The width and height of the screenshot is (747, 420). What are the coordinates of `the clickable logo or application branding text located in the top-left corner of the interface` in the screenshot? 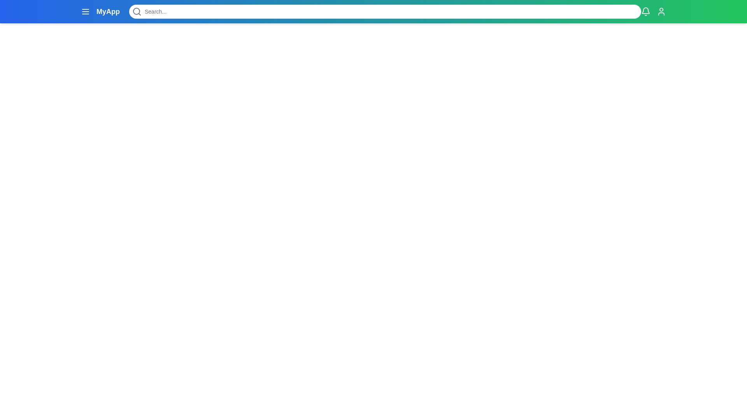 It's located at (100, 12).